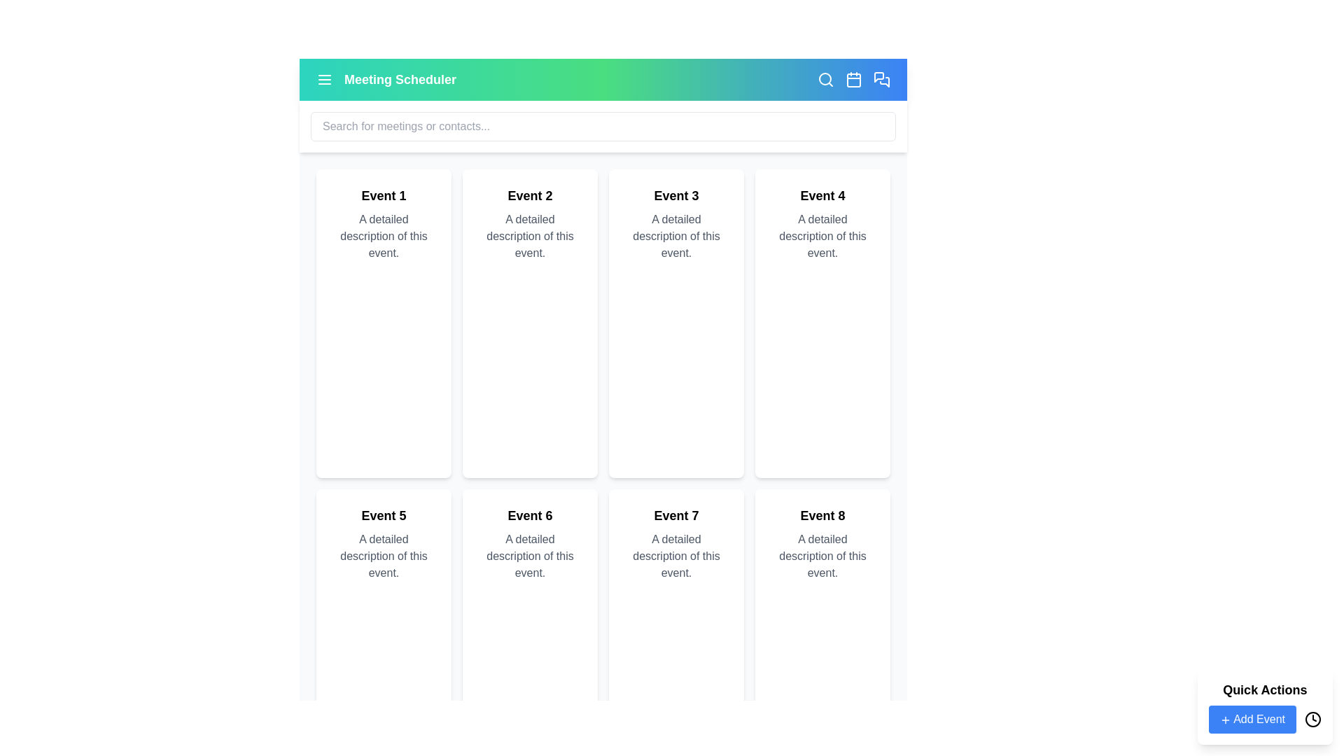 This screenshot has height=756, width=1344. Describe the element at coordinates (384, 515) in the screenshot. I see `the bold title text 'Event 5' located at the top-center of its card in the second row of the 4x2 grid layout` at that location.